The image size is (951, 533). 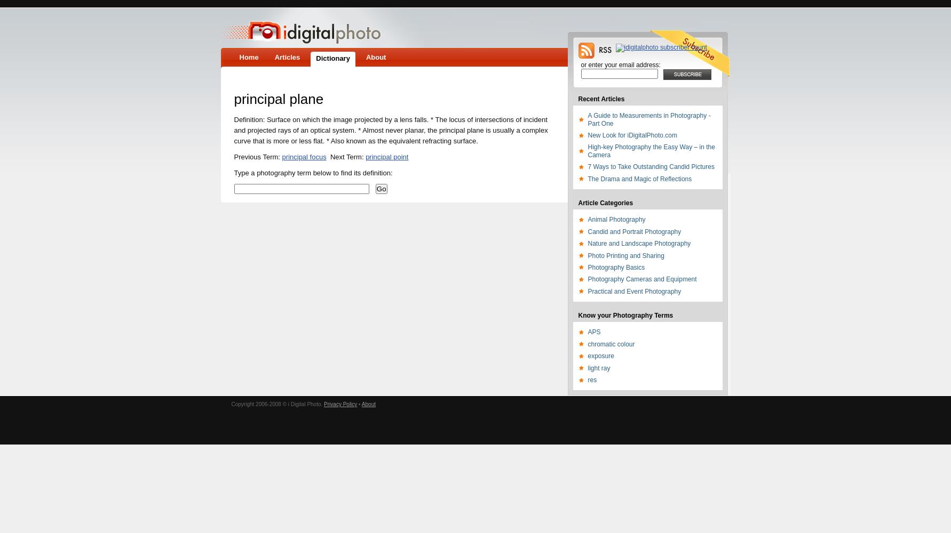 What do you see at coordinates (587, 135) in the screenshot?
I see `'New Look for iDigitalPhoto.com'` at bounding box center [587, 135].